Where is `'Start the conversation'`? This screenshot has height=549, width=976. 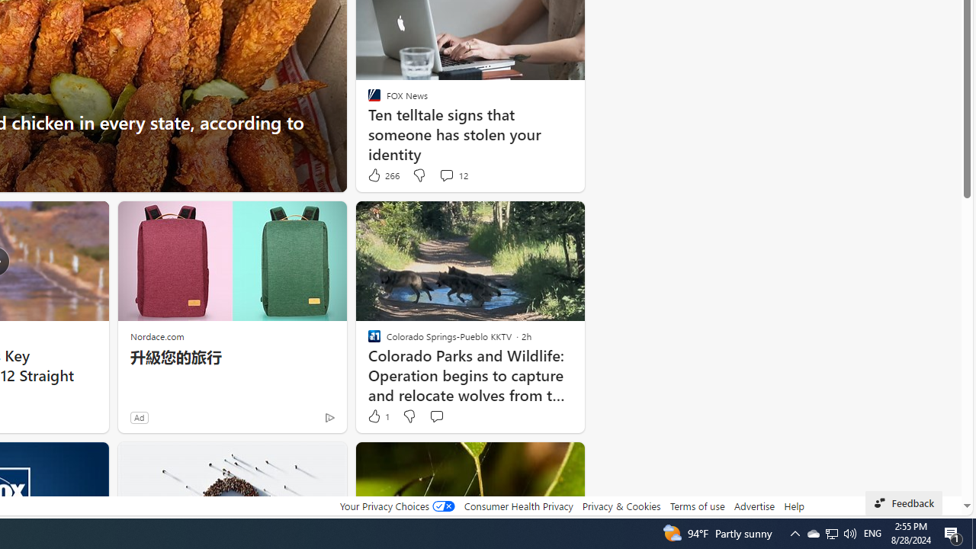
'Start the conversation' is located at coordinates (435, 416).